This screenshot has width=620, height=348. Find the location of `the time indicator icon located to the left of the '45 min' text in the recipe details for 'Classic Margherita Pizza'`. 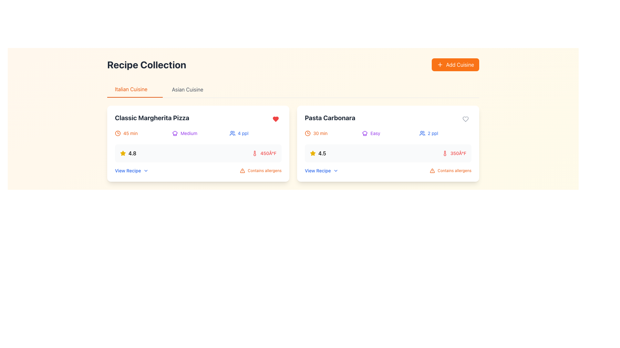

the time indicator icon located to the left of the '45 min' text in the recipe details for 'Classic Margherita Pizza' is located at coordinates (118, 133).